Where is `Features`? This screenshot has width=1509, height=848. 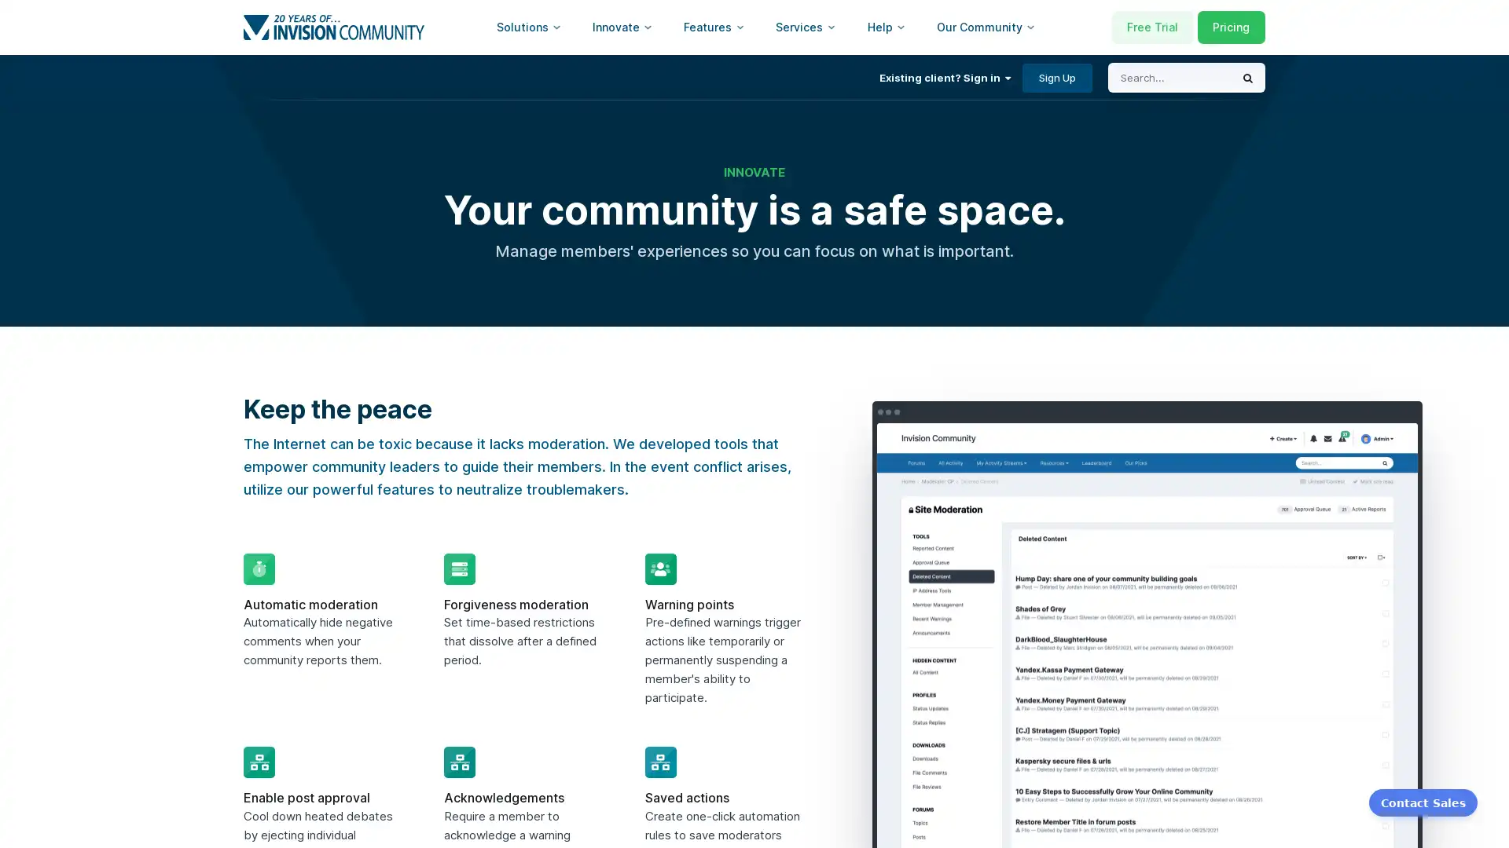
Features is located at coordinates (713, 27).